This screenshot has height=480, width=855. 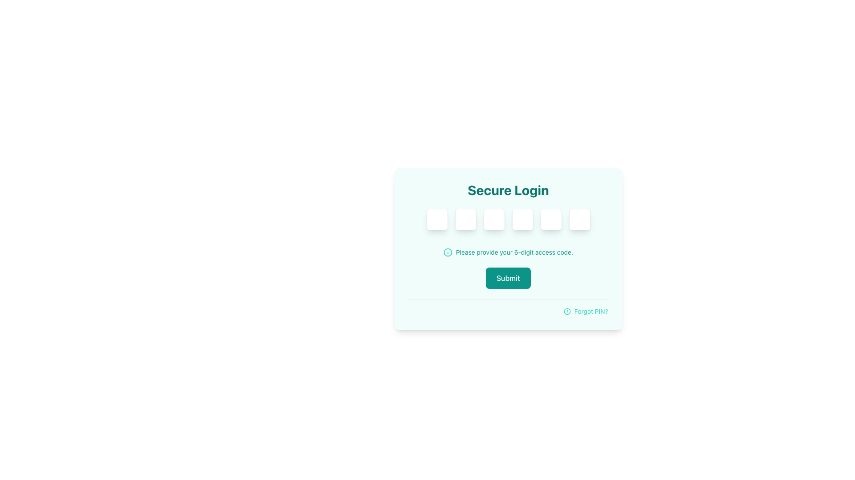 What do you see at coordinates (448, 252) in the screenshot?
I see `the informative icon located directly to the left of the text 'Please provide your 6-digit access code.' in the middle part of the login form interface` at bounding box center [448, 252].